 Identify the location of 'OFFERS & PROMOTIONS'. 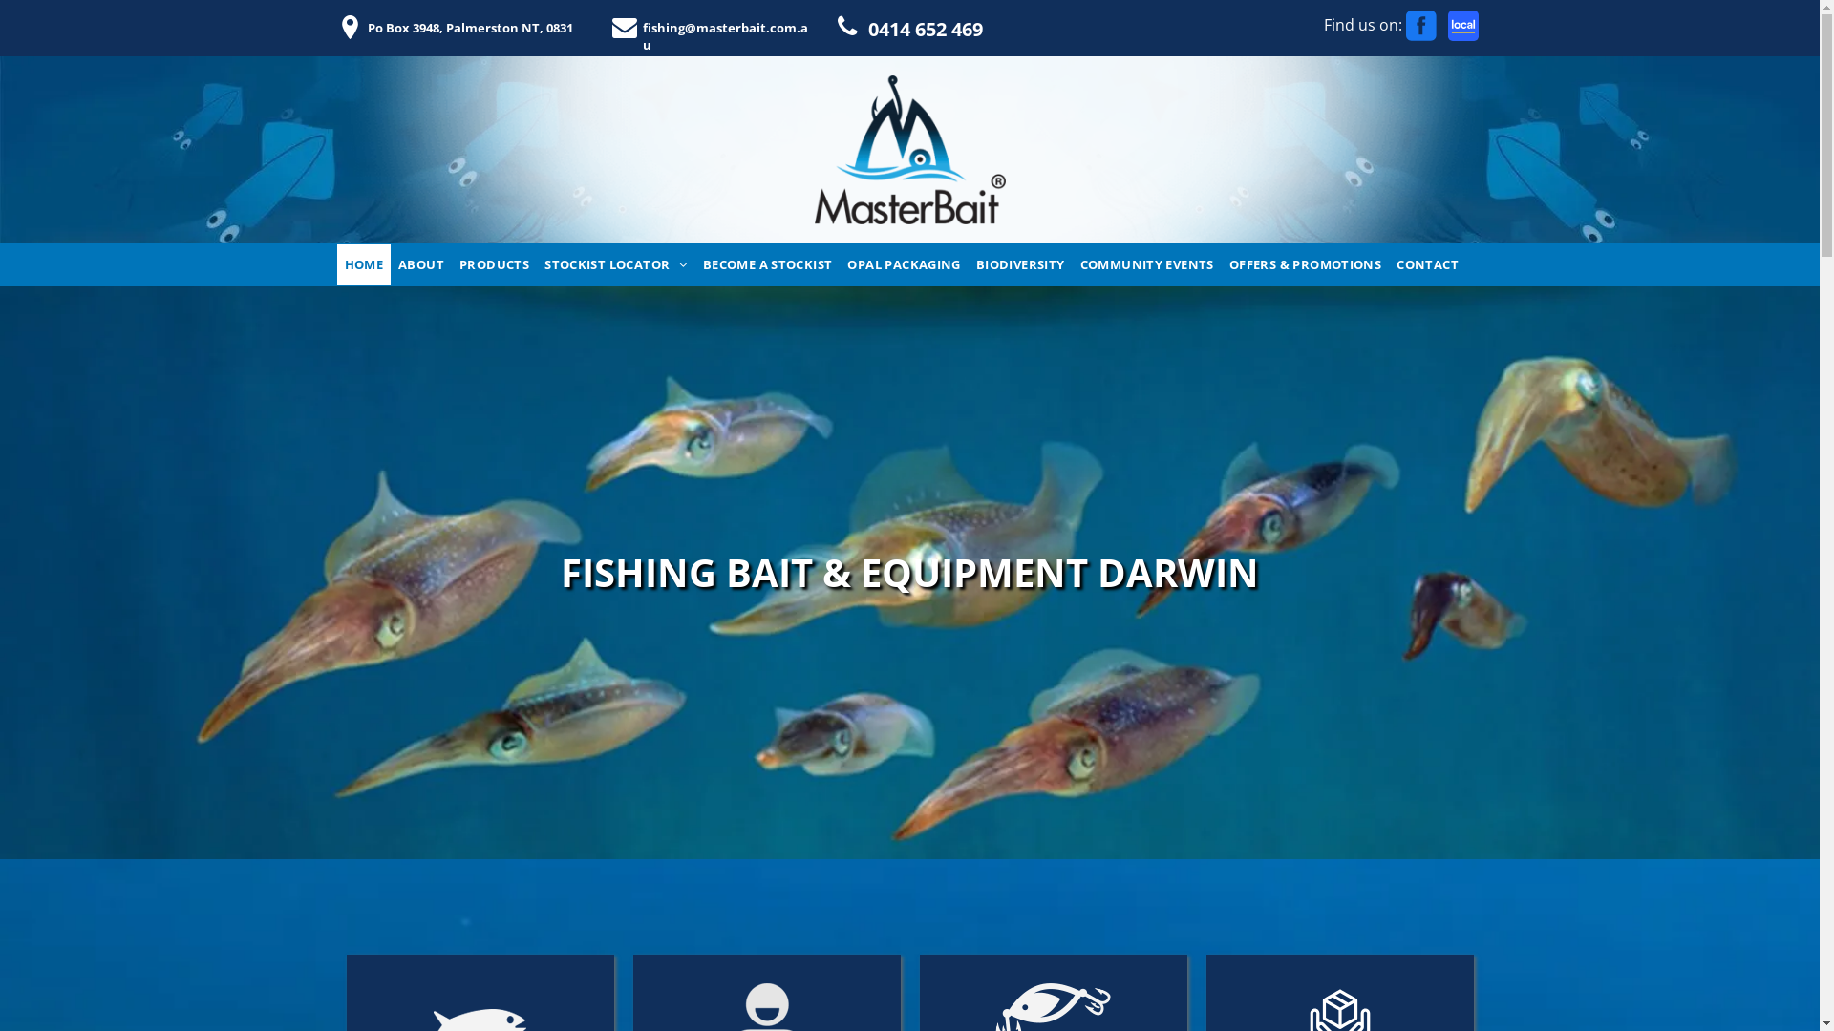
(1304, 264).